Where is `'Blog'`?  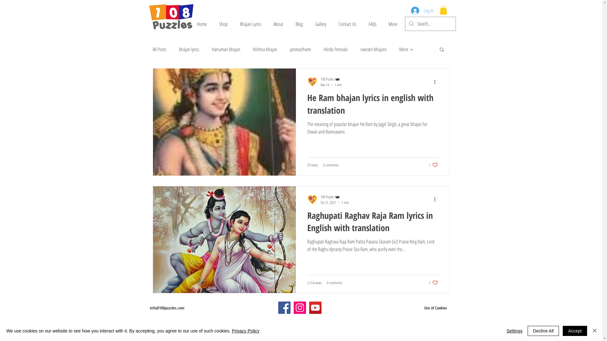
'Blog' is located at coordinates (299, 24).